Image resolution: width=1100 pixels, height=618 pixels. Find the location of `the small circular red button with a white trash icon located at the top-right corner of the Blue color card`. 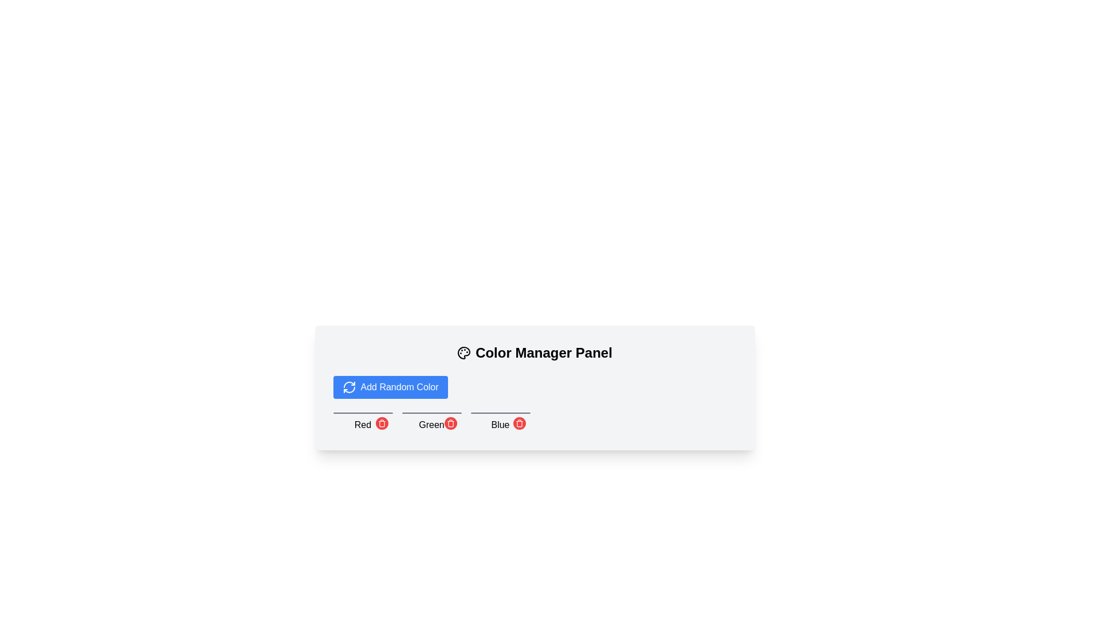

the small circular red button with a white trash icon located at the top-right corner of the Blue color card is located at coordinates (518, 423).